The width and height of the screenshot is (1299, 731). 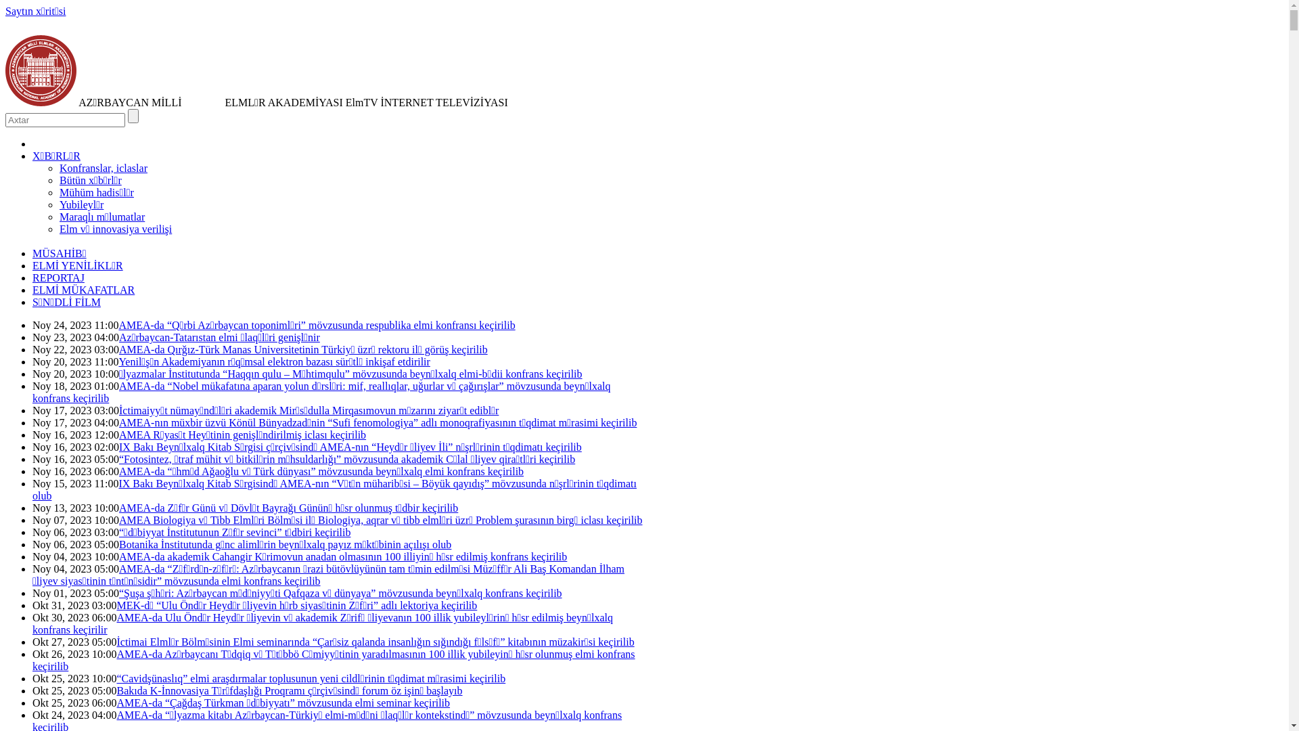 What do you see at coordinates (58, 277) in the screenshot?
I see `'REPORTAJ'` at bounding box center [58, 277].